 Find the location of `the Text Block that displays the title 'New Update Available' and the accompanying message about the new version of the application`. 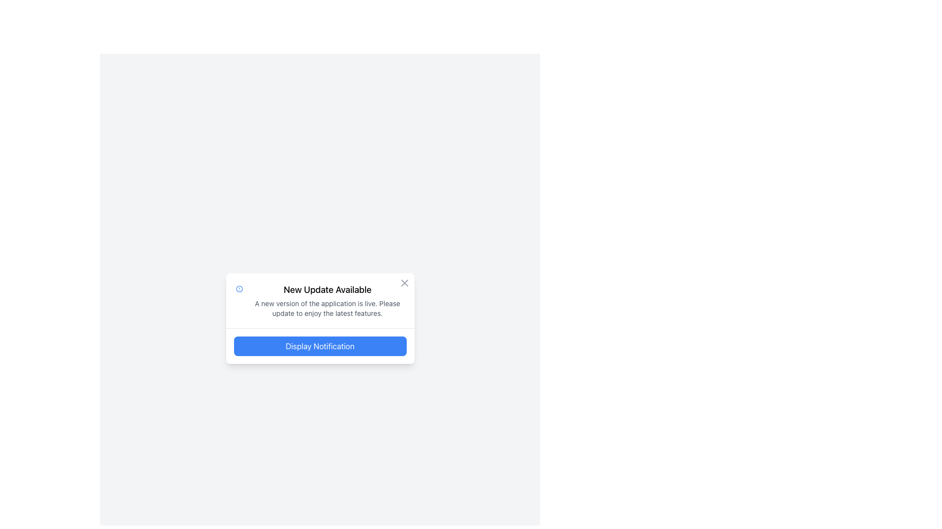

the Text Block that displays the title 'New Update Available' and the accompanying message about the new version of the application is located at coordinates (327, 300).